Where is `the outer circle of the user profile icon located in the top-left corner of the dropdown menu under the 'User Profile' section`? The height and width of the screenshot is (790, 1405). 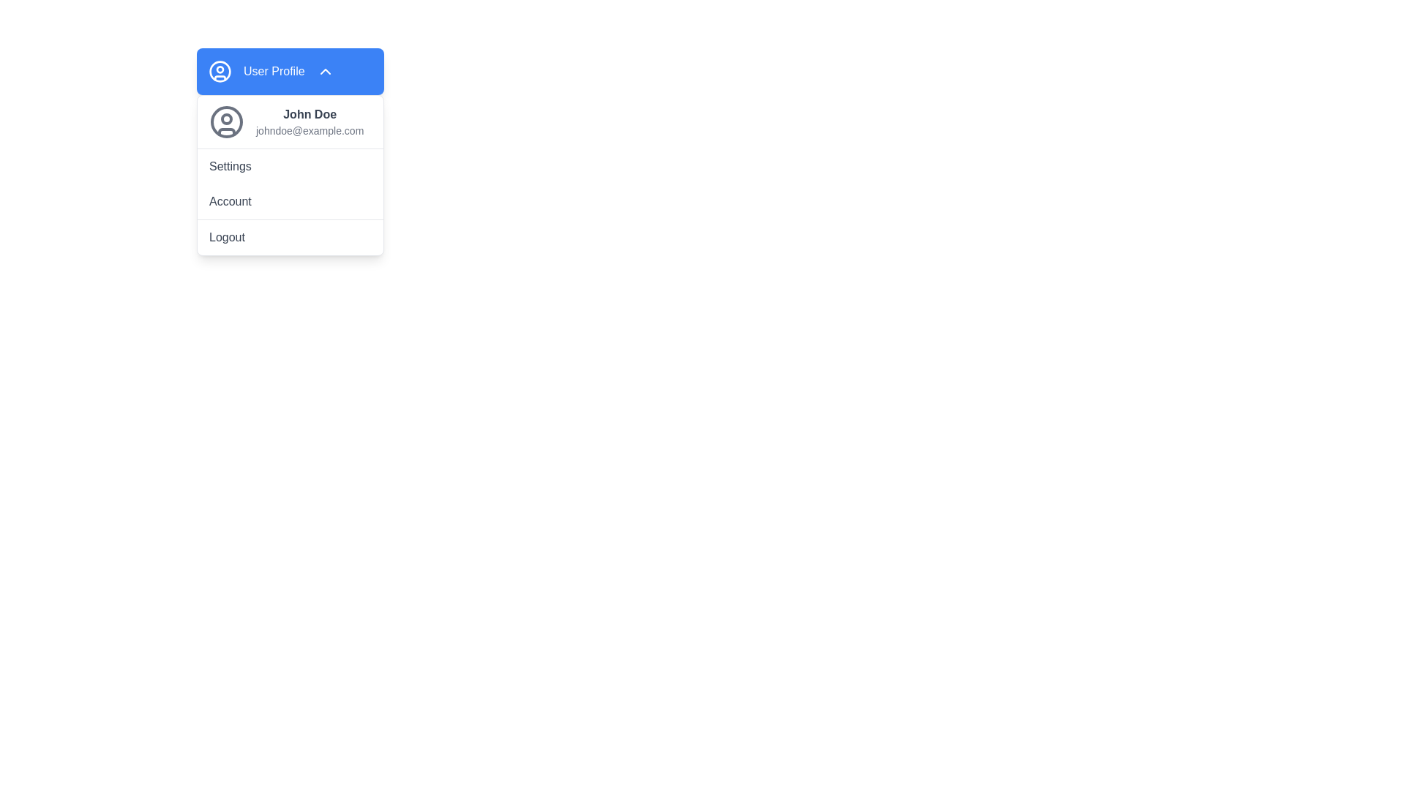
the outer circle of the user profile icon located in the top-left corner of the dropdown menu under the 'User Profile' section is located at coordinates (226, 121).